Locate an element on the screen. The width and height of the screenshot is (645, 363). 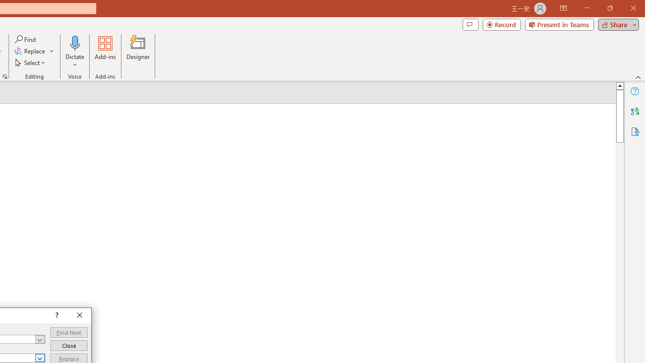
'Select' is located at coordinates (31, 63).